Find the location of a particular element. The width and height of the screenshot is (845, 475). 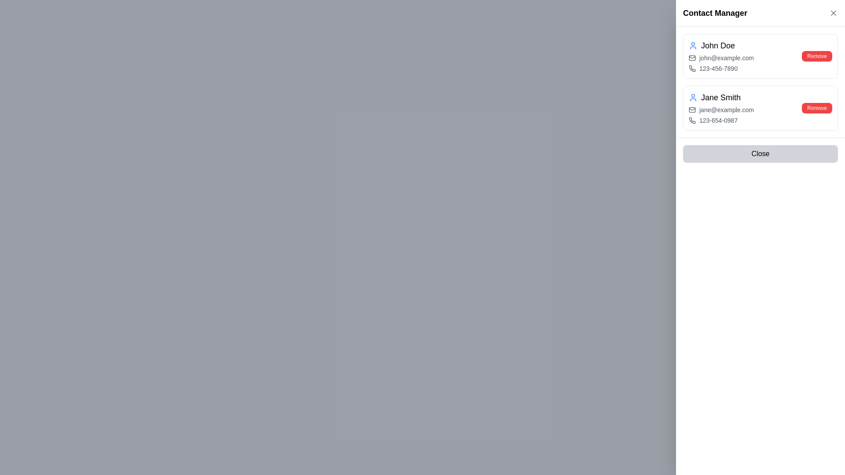

the button that is centrally aligned at the bottom of the white panel is located at coordinates (760, 153).